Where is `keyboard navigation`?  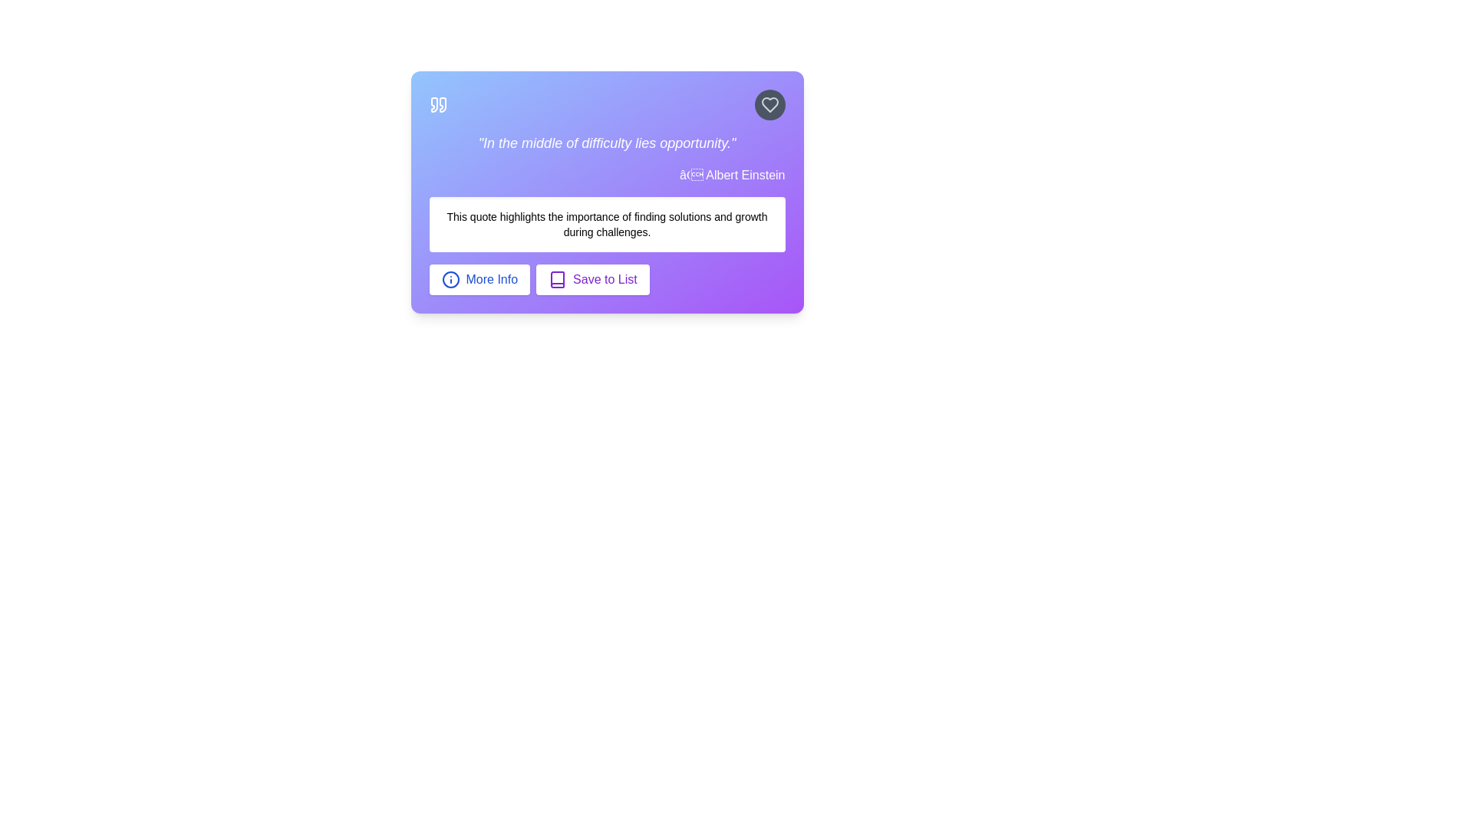 keyboard navigation is located at coordinates (479, 280).